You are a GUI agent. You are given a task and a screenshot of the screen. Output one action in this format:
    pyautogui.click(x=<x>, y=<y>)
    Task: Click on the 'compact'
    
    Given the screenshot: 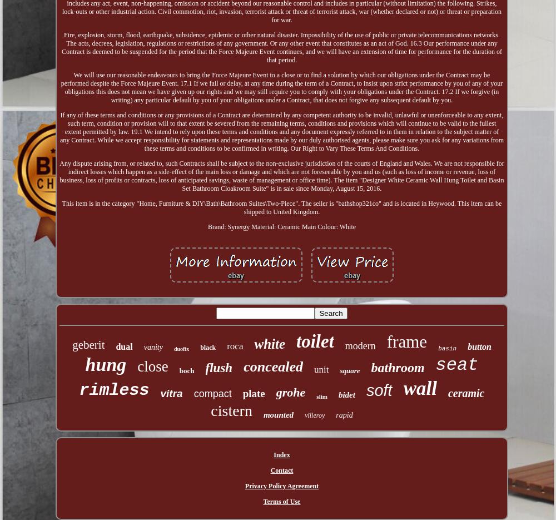 What is the action you would take?
    pyautogui.click(x=212, y=392)
    